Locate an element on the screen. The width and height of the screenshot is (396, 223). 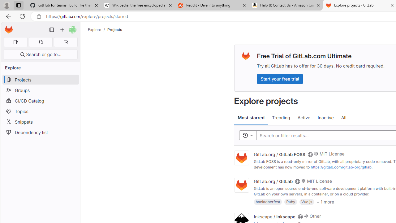
'Dependency list' is located at coordinates (40, 132).